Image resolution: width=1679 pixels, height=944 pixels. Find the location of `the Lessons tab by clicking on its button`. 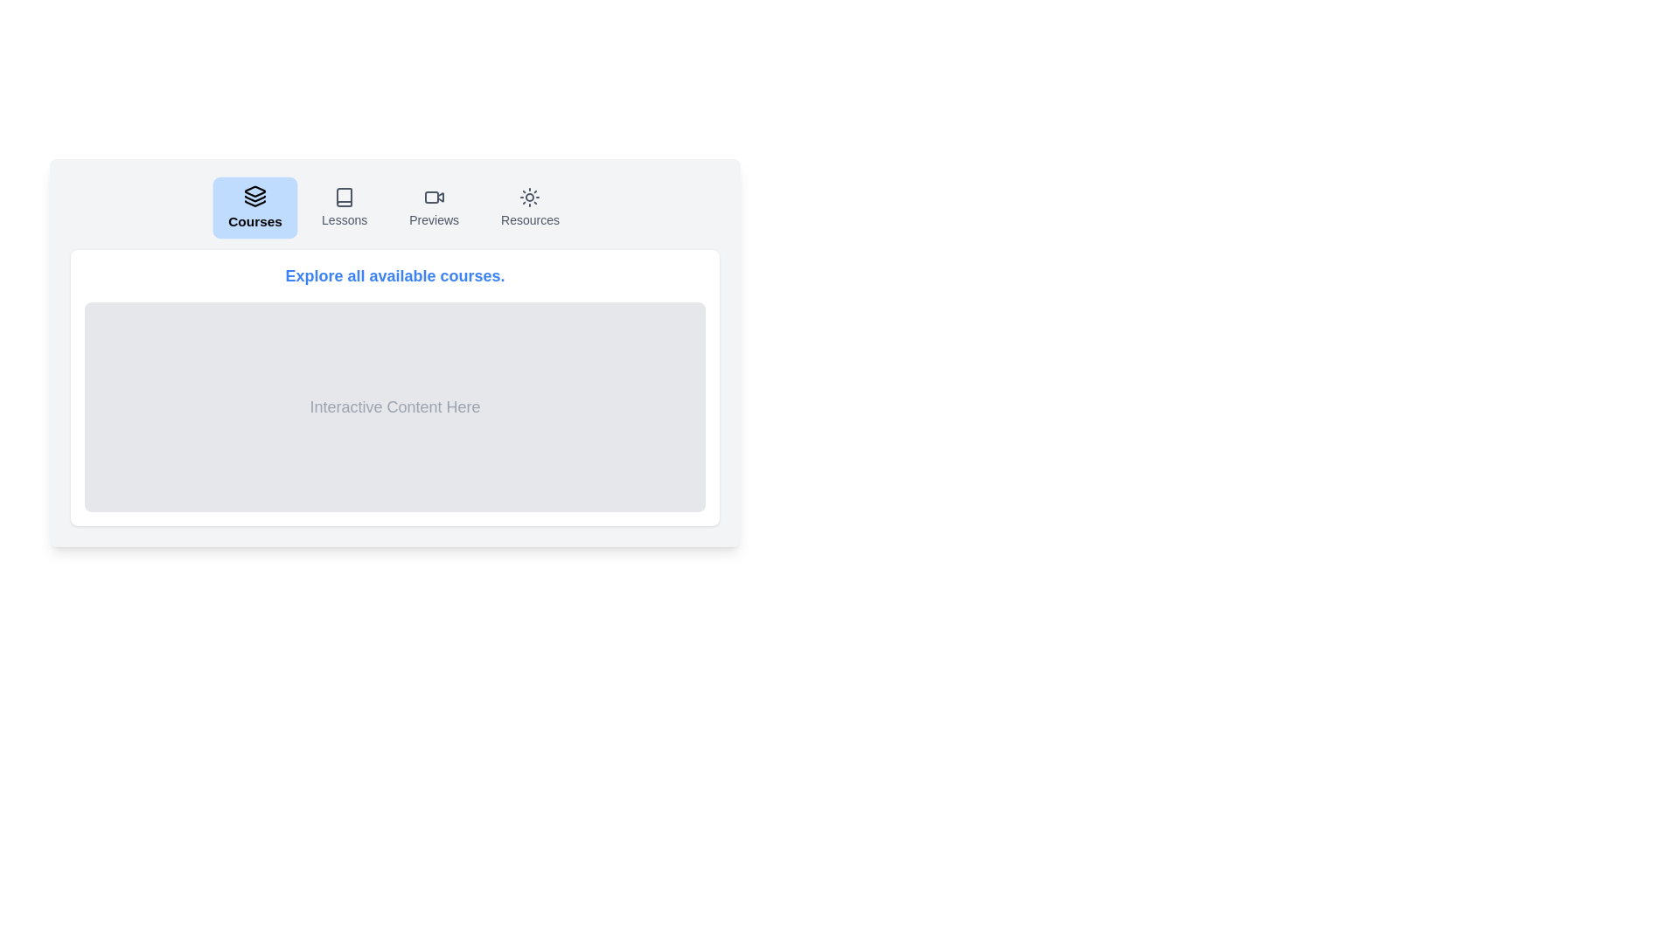

the Lessons tab by clicking on its button is located at coordinates (344, 207).